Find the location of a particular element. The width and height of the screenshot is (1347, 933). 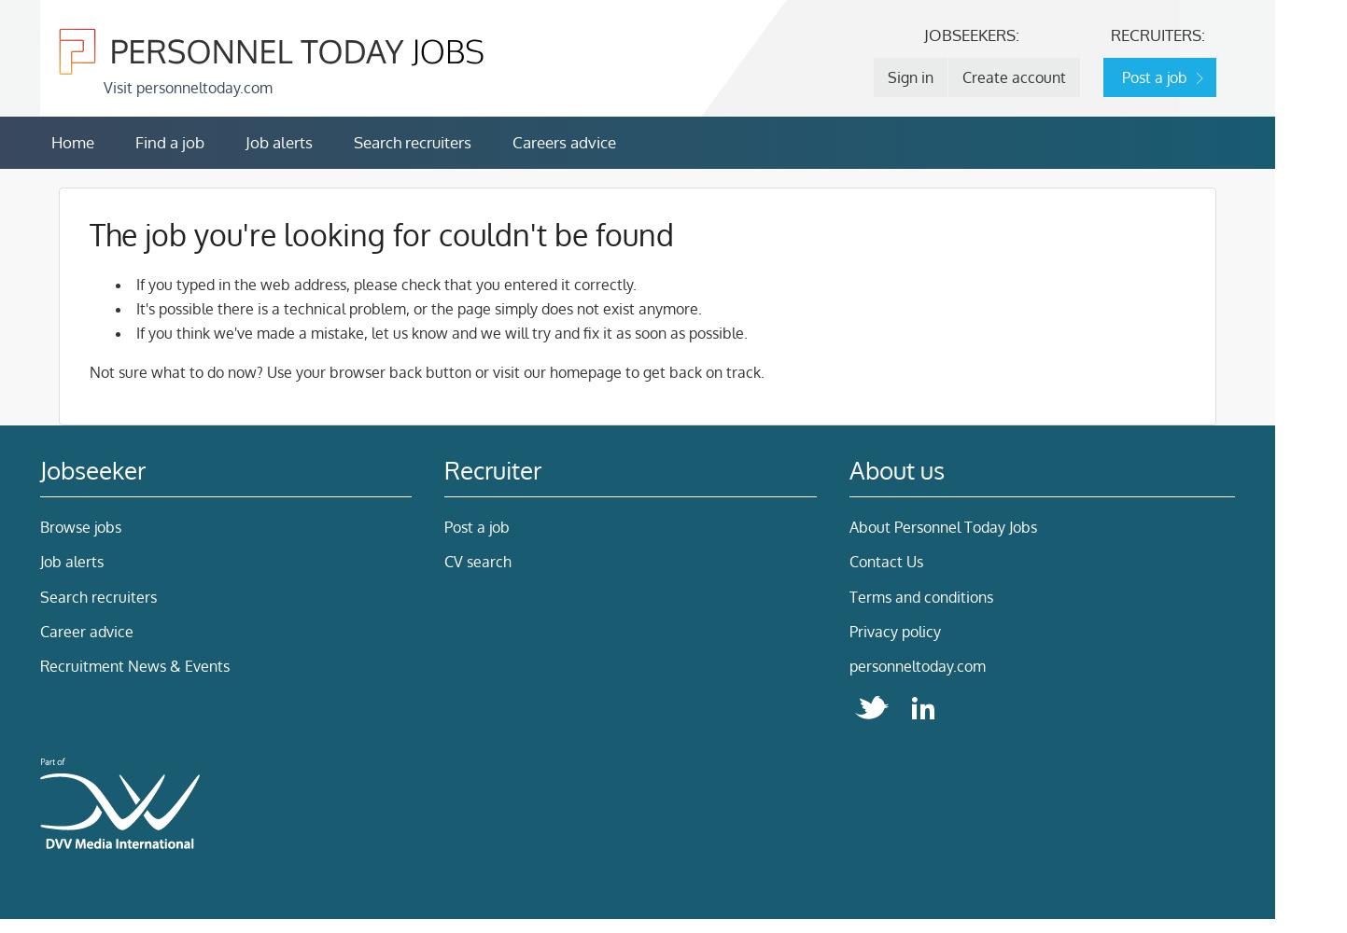

'If you typed in the web address, please check that you entered it correctly.' is located at coordinates (385, 285).